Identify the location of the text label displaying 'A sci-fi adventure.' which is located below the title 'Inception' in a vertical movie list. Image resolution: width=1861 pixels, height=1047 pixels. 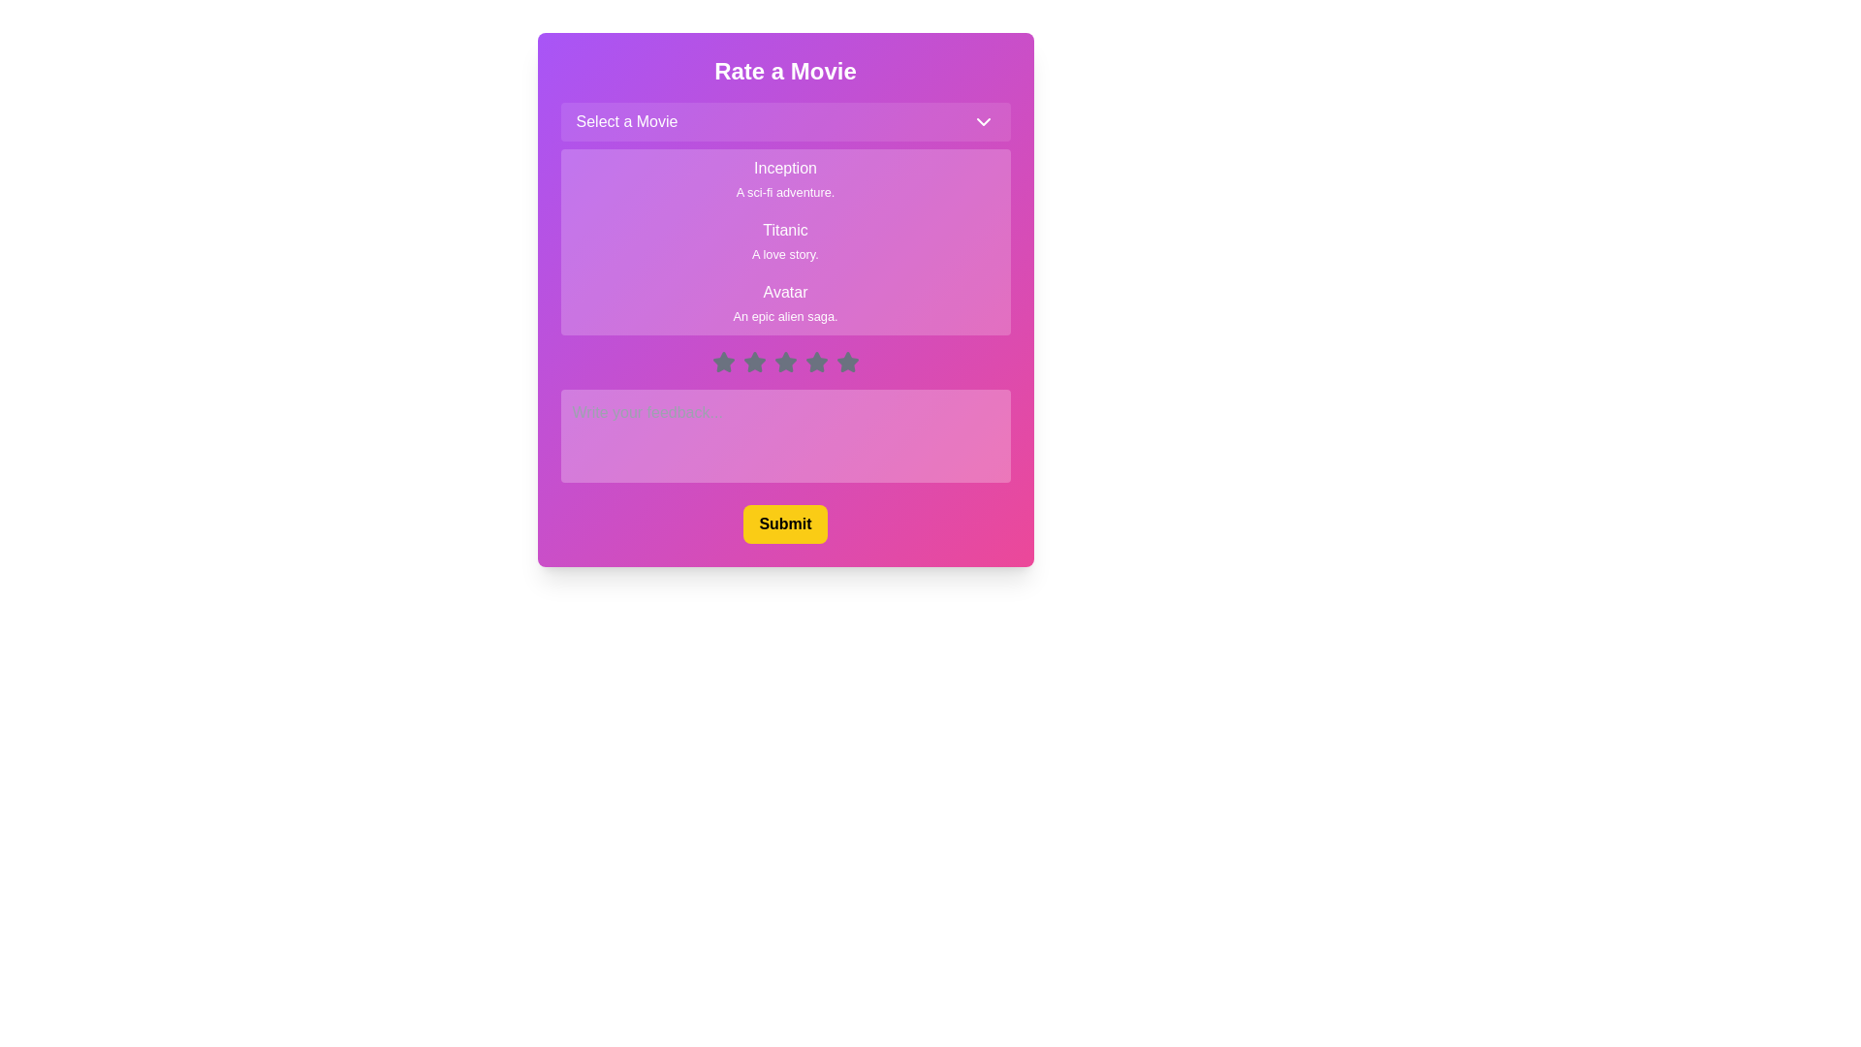
(785, 192).